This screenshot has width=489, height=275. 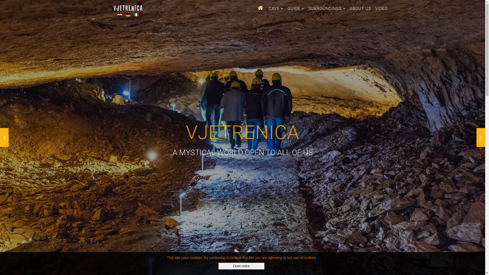 I want to click on 'Deutsch', so click(x=128, y=14).